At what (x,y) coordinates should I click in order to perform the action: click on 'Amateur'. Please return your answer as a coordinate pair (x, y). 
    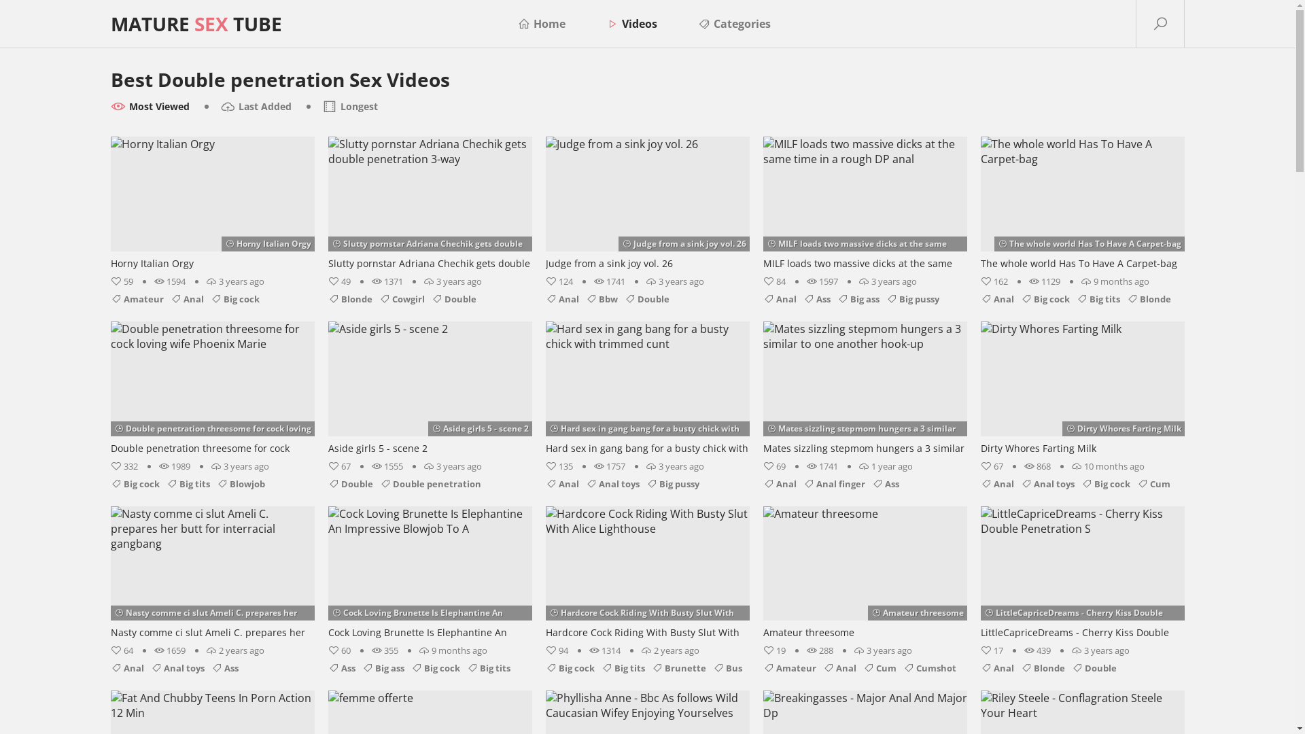
    Looking at the image, I should click on (110, 298).